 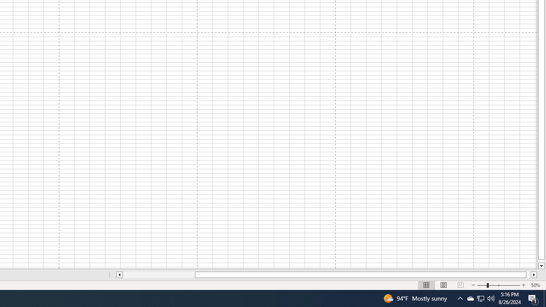 What do you see at coordinates (523, 285) in the screenshot?
I see `'Zoom In'` at bounding box center [523, 285].